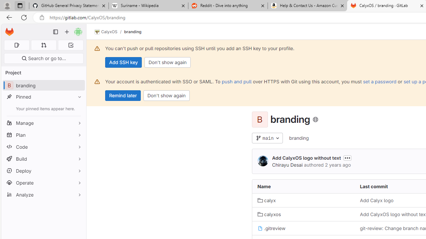 This screenshot has width=426, height=239. Describe the element at coordinates (299, 138) in the screenshot. I see `'branding'` at that location.